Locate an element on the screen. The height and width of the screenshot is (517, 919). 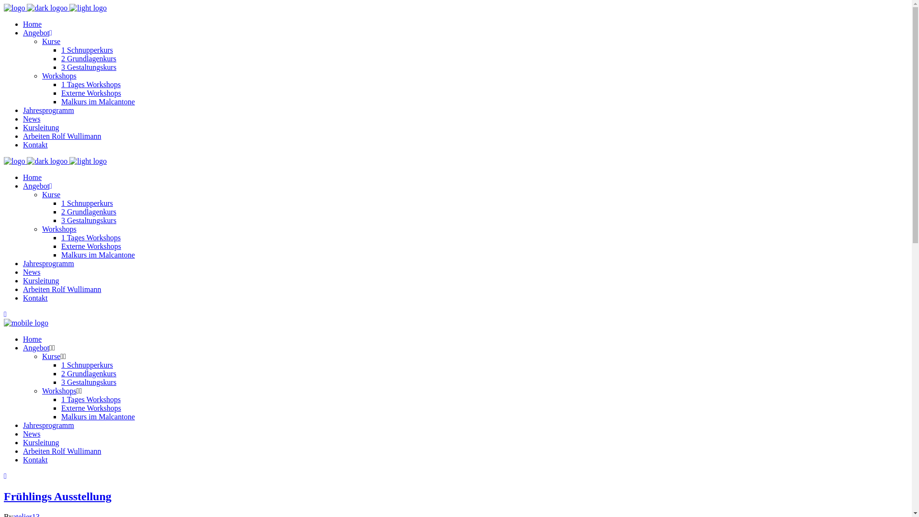
'2 Grundlagenkurs' is located at coordinates (89, 373).